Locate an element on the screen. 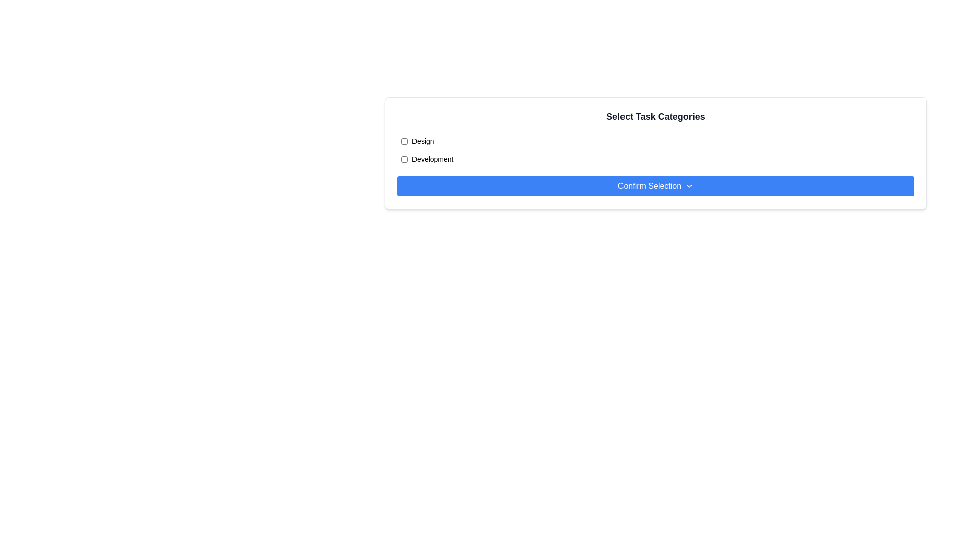  the small chevron-down icon inside the 'Confirm Selection' button, which is positioned near the right end of the button is located at coordinates (689, 186).